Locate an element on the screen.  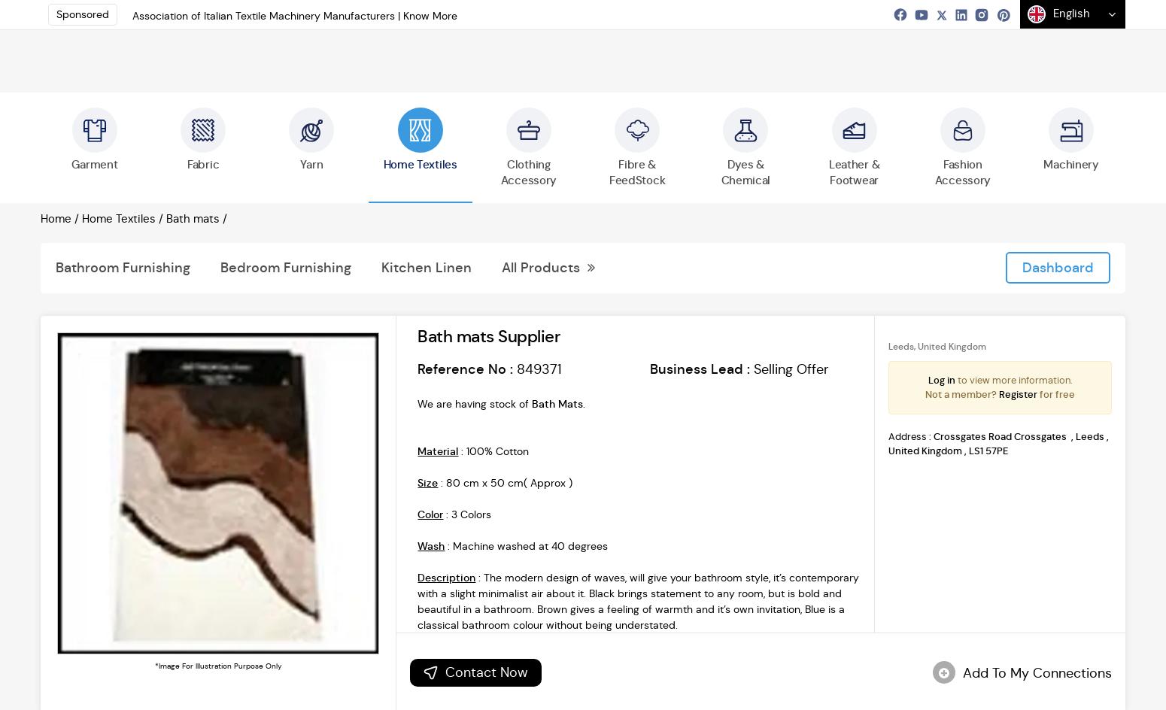
'News' is located at coordinates (607, 23).